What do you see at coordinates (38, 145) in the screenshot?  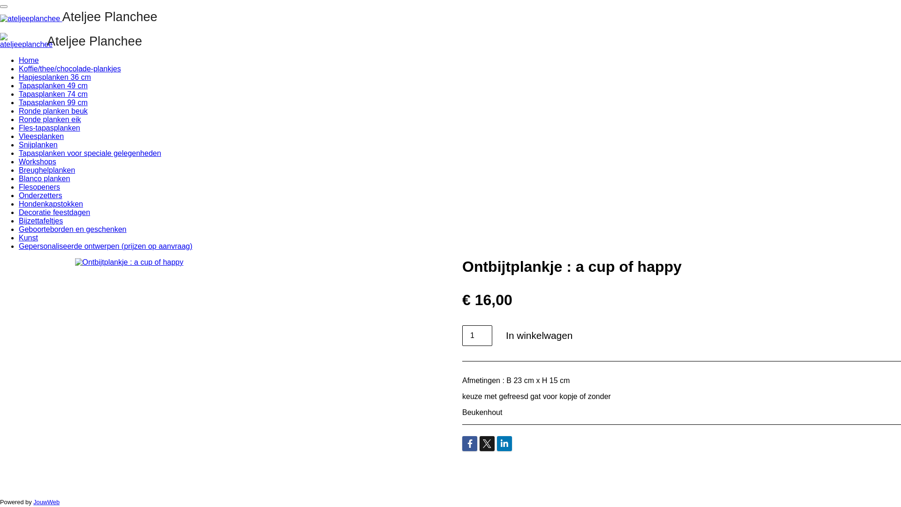 I see `'Snijplanken'` at bounding box center [38, 145].